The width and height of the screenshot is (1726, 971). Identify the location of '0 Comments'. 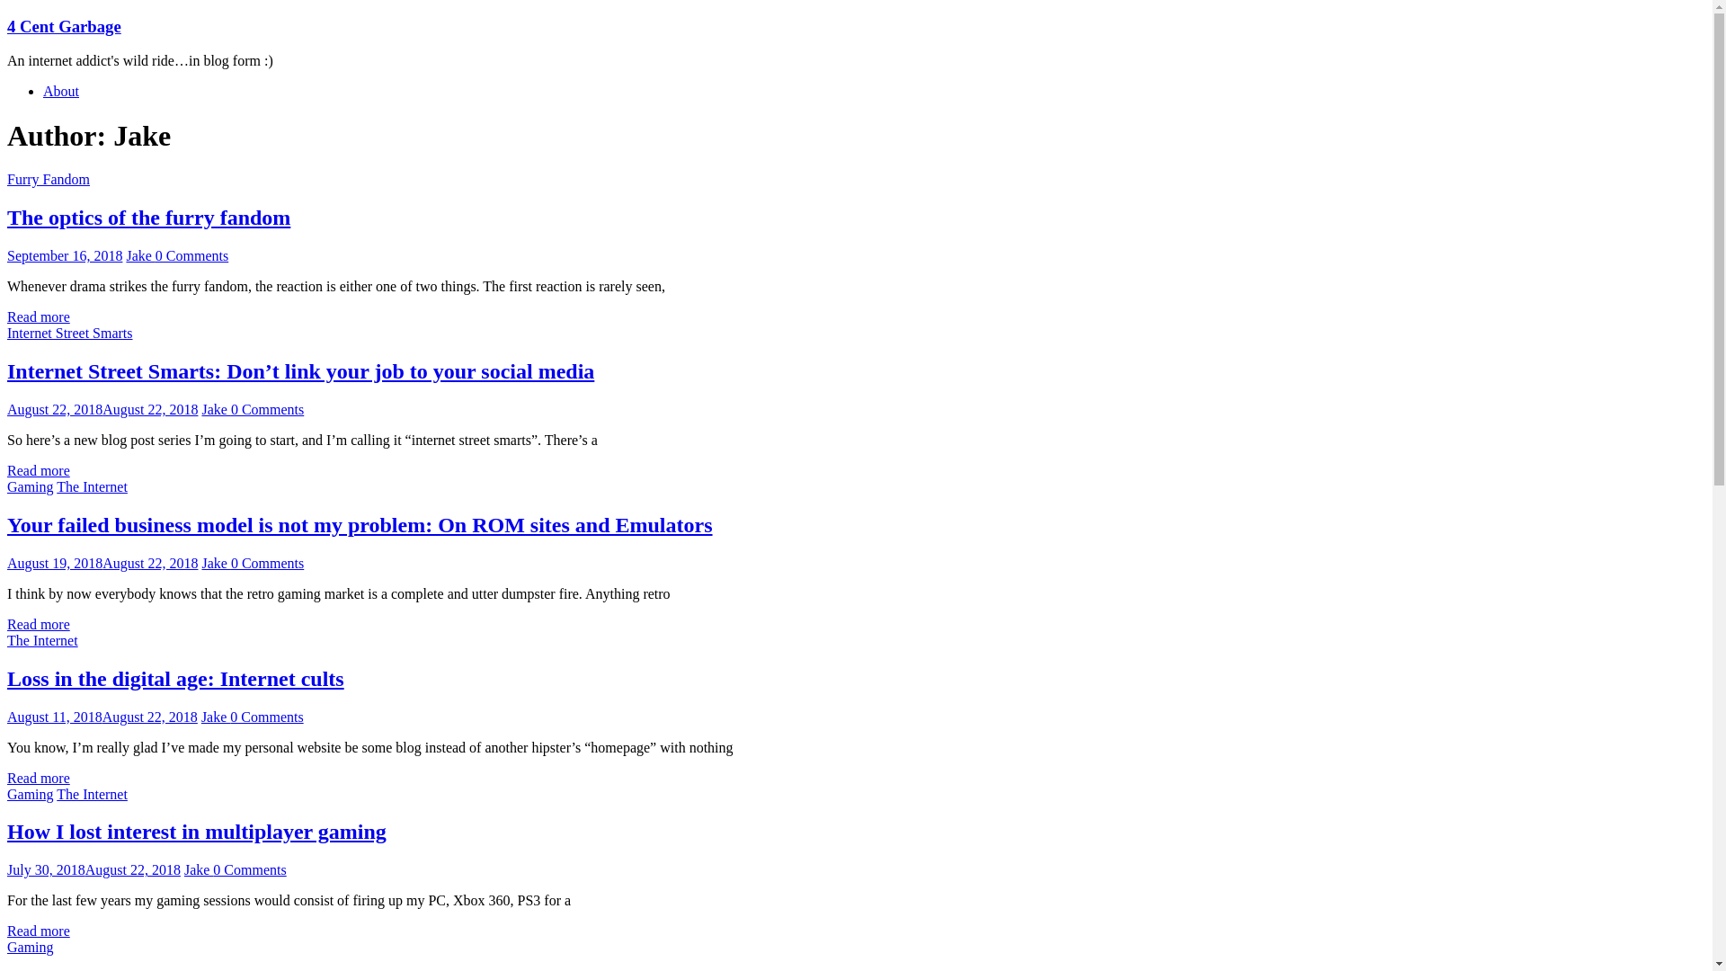
(155, 255).